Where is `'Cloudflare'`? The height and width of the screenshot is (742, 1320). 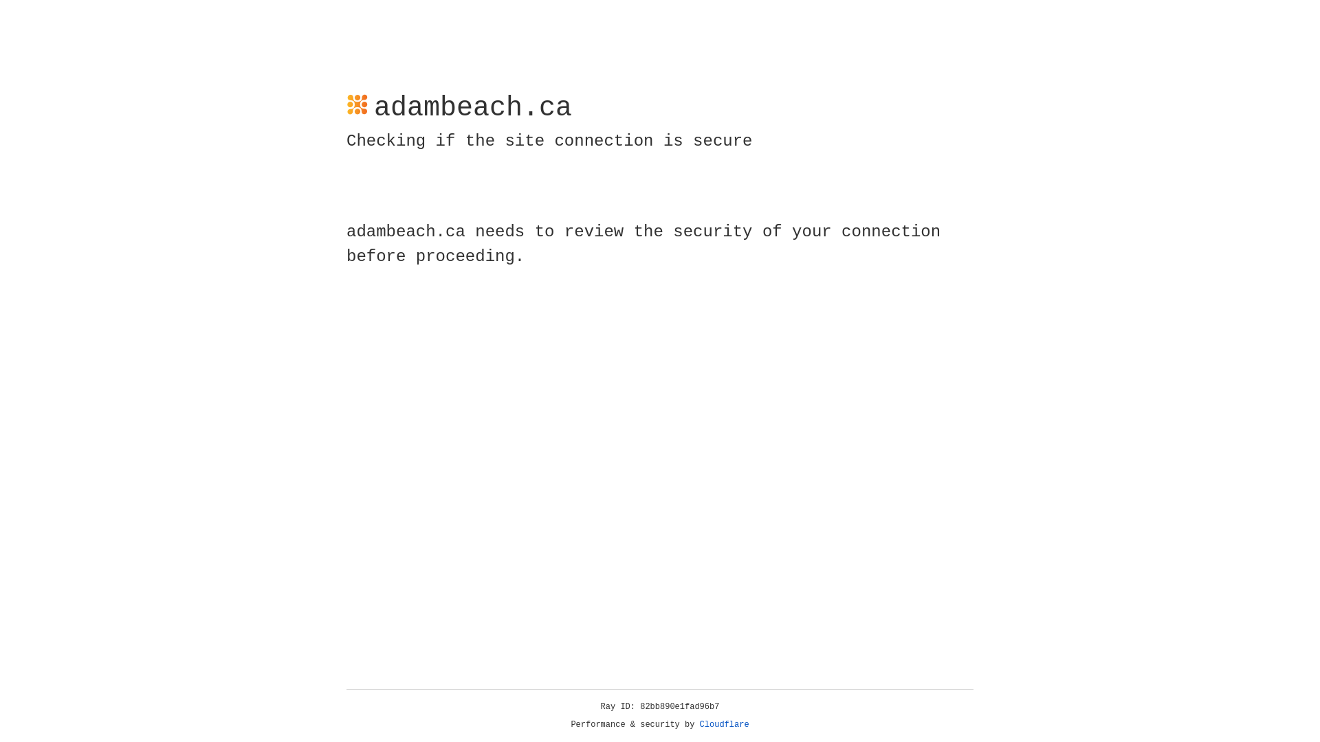
'Cloudflare' is located at coordinates (724, 724).